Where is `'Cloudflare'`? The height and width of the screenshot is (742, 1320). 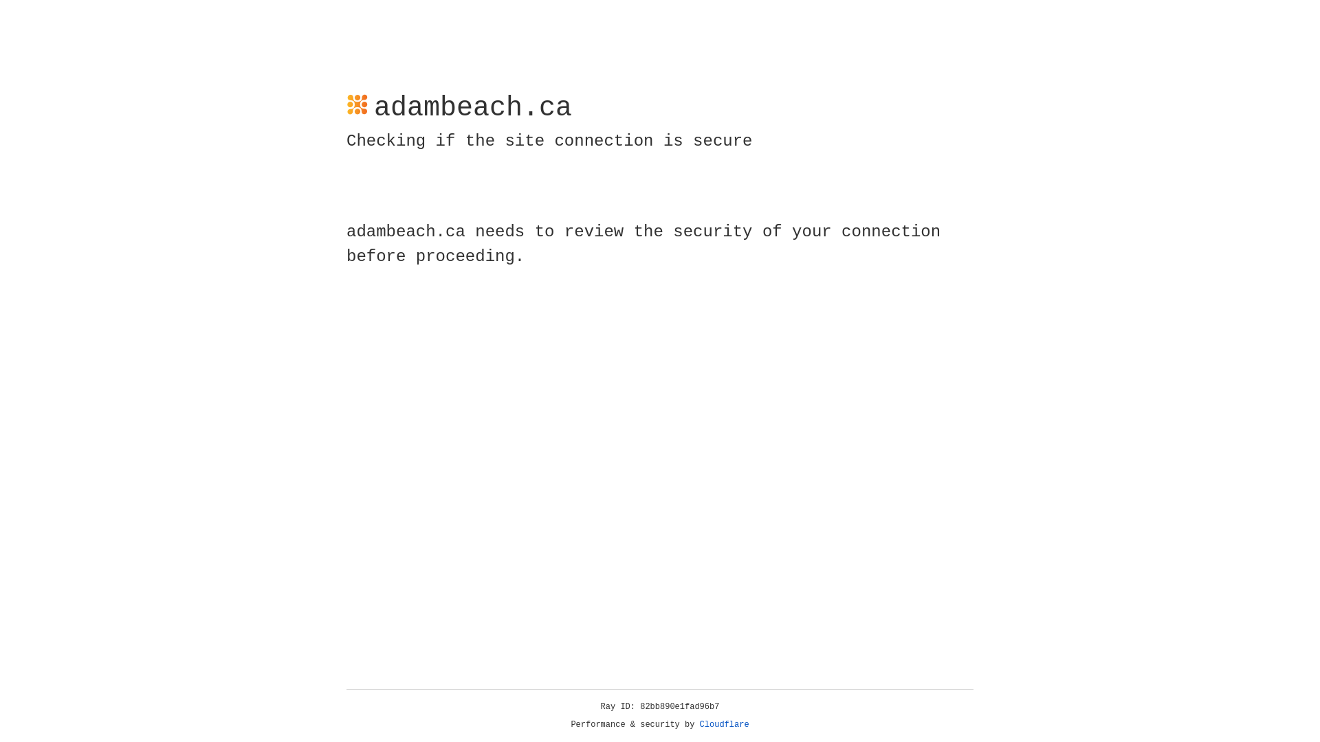
'Cloudflare' is located at coordinates (724, 724).